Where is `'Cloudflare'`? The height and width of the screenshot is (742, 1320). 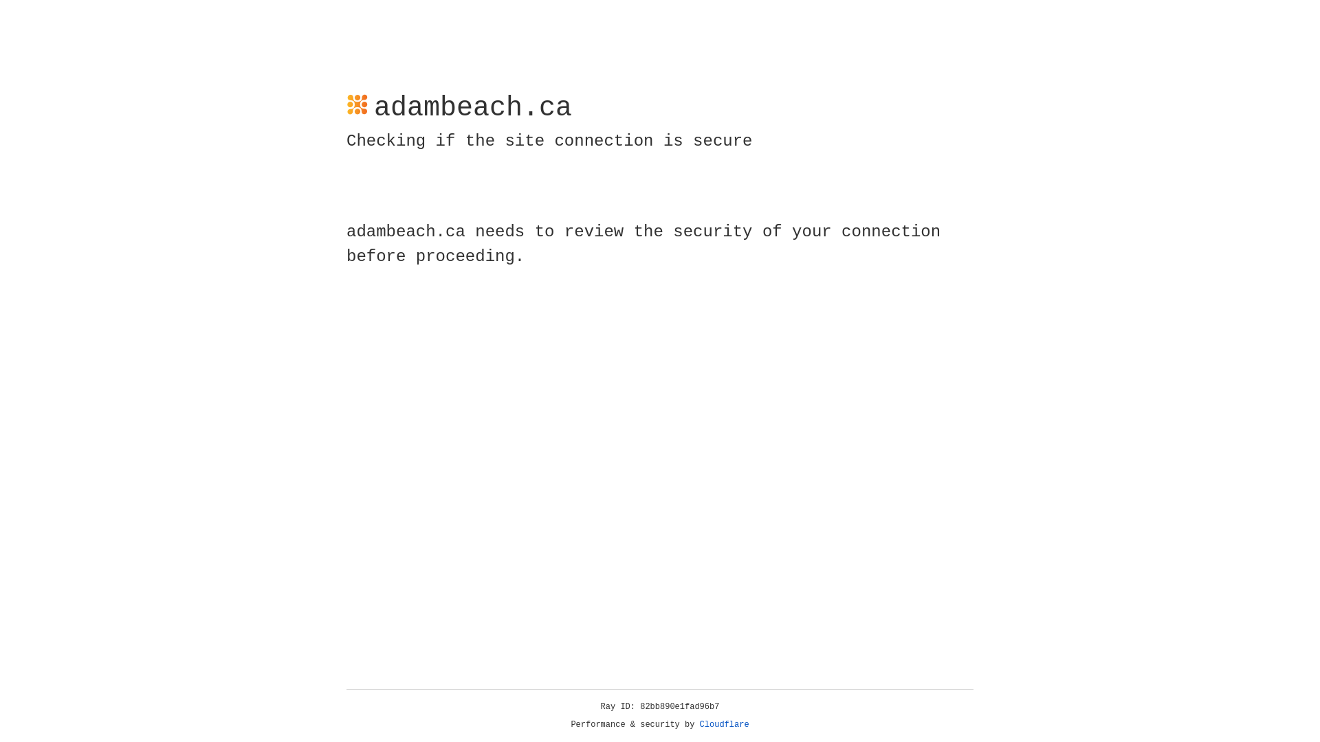
'Cloudflare' is located at coordinates (724, 724).